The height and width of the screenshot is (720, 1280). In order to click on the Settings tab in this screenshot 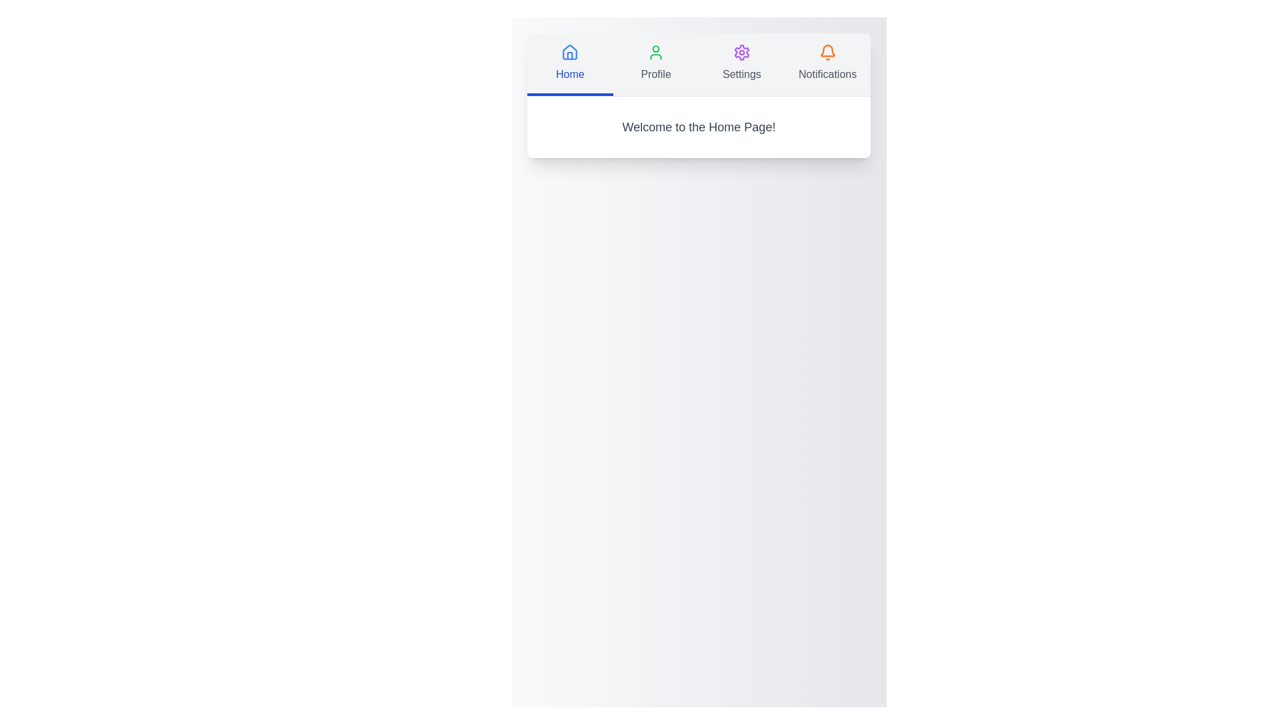, I will do `click(741, 64)`.